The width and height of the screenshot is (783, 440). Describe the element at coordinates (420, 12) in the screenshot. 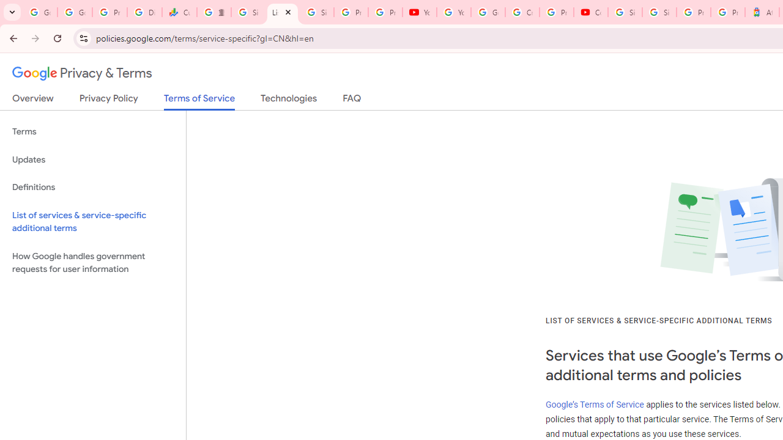

I see `'YouTube'` at that location.